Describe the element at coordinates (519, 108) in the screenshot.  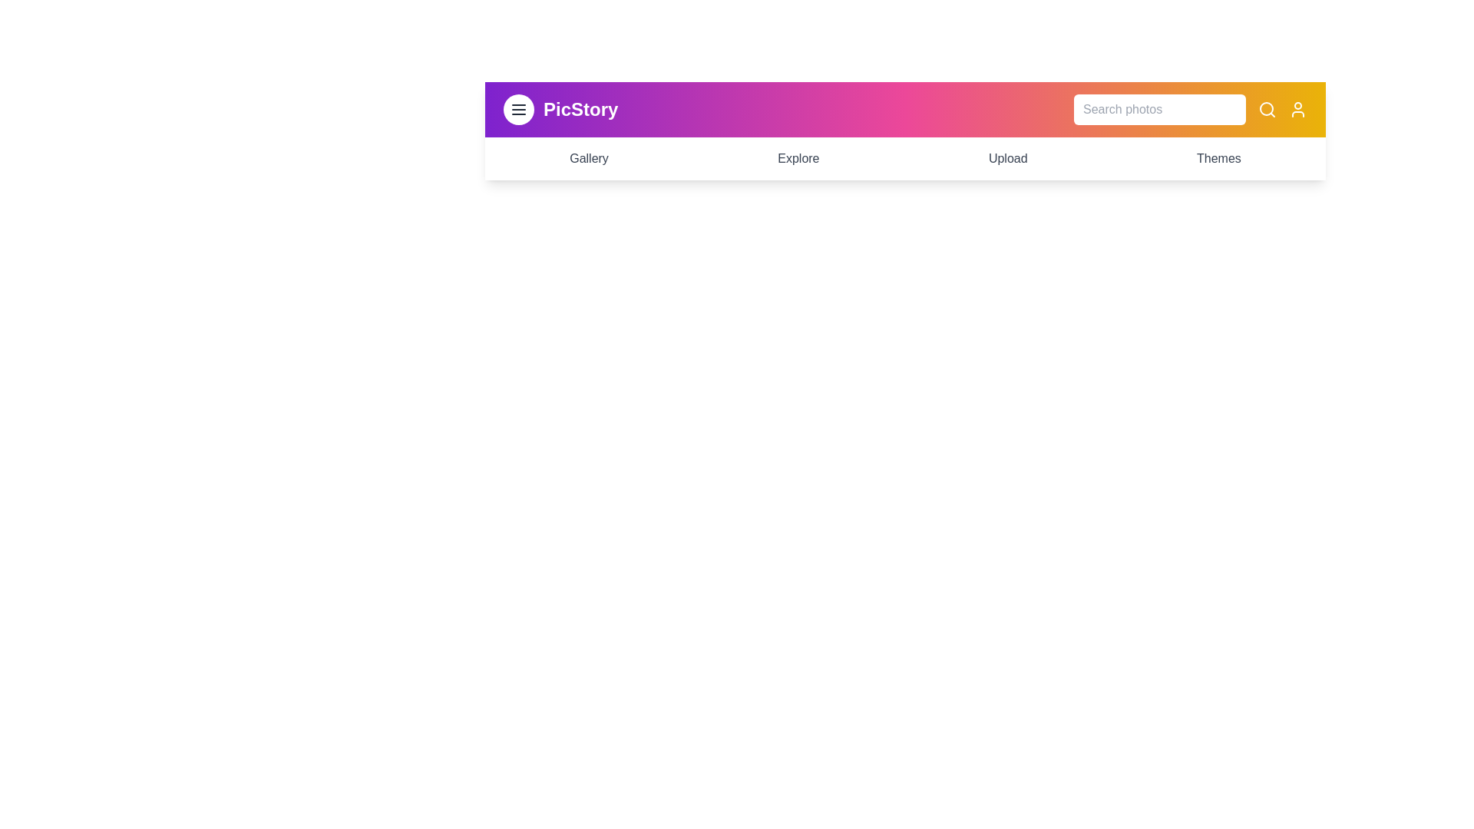
I see `menu button to toggle the menu visibility` at that location.